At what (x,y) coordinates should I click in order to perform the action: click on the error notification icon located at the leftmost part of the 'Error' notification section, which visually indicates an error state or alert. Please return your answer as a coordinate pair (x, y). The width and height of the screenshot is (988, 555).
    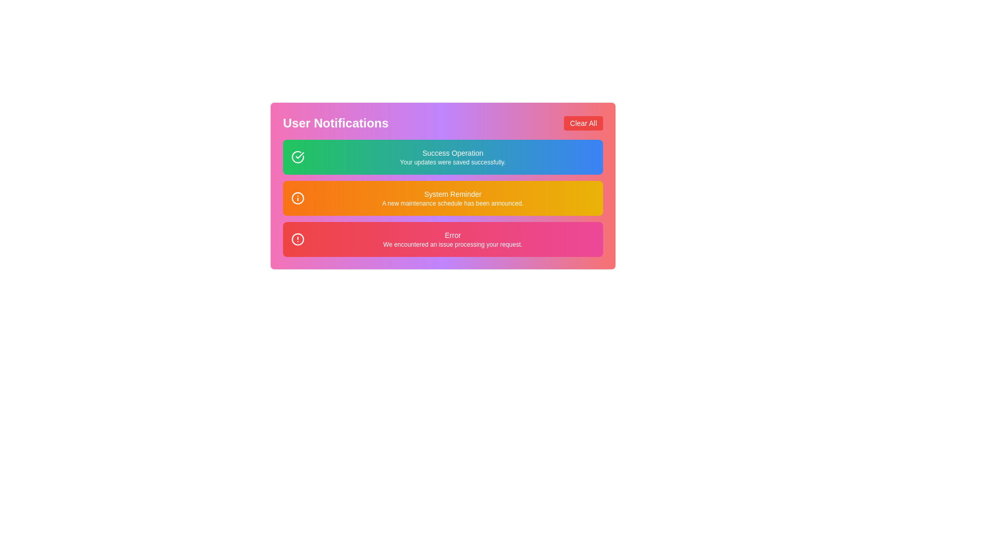
    Looking at the image, I should click on (297, 239).